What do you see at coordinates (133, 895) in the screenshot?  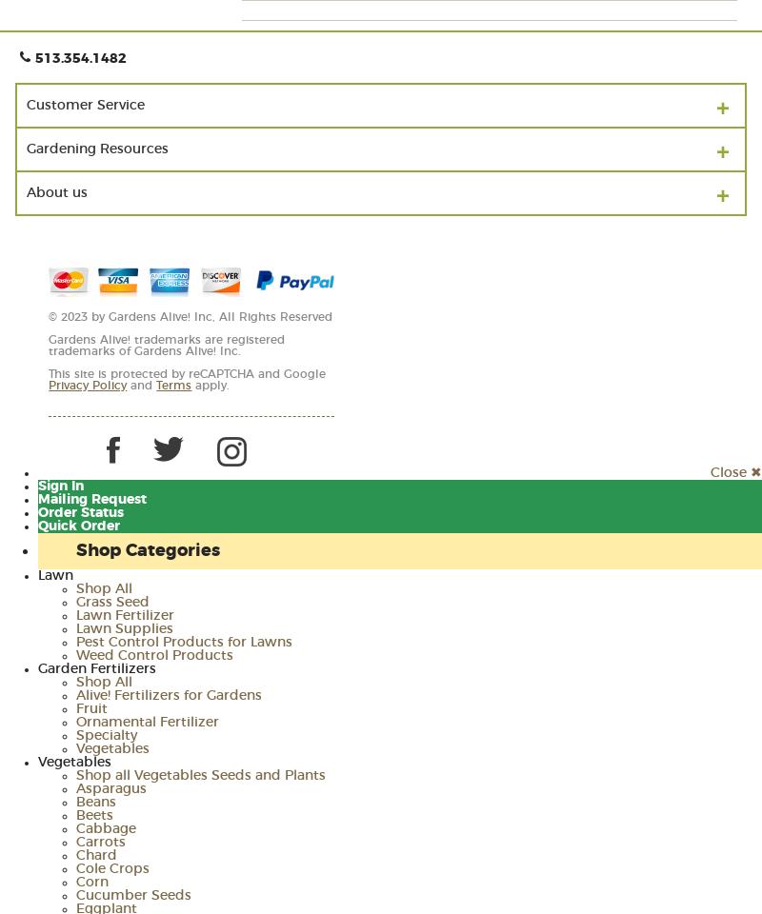 I see `'Cucumber Seeds'` at bounding box center [133, 895].